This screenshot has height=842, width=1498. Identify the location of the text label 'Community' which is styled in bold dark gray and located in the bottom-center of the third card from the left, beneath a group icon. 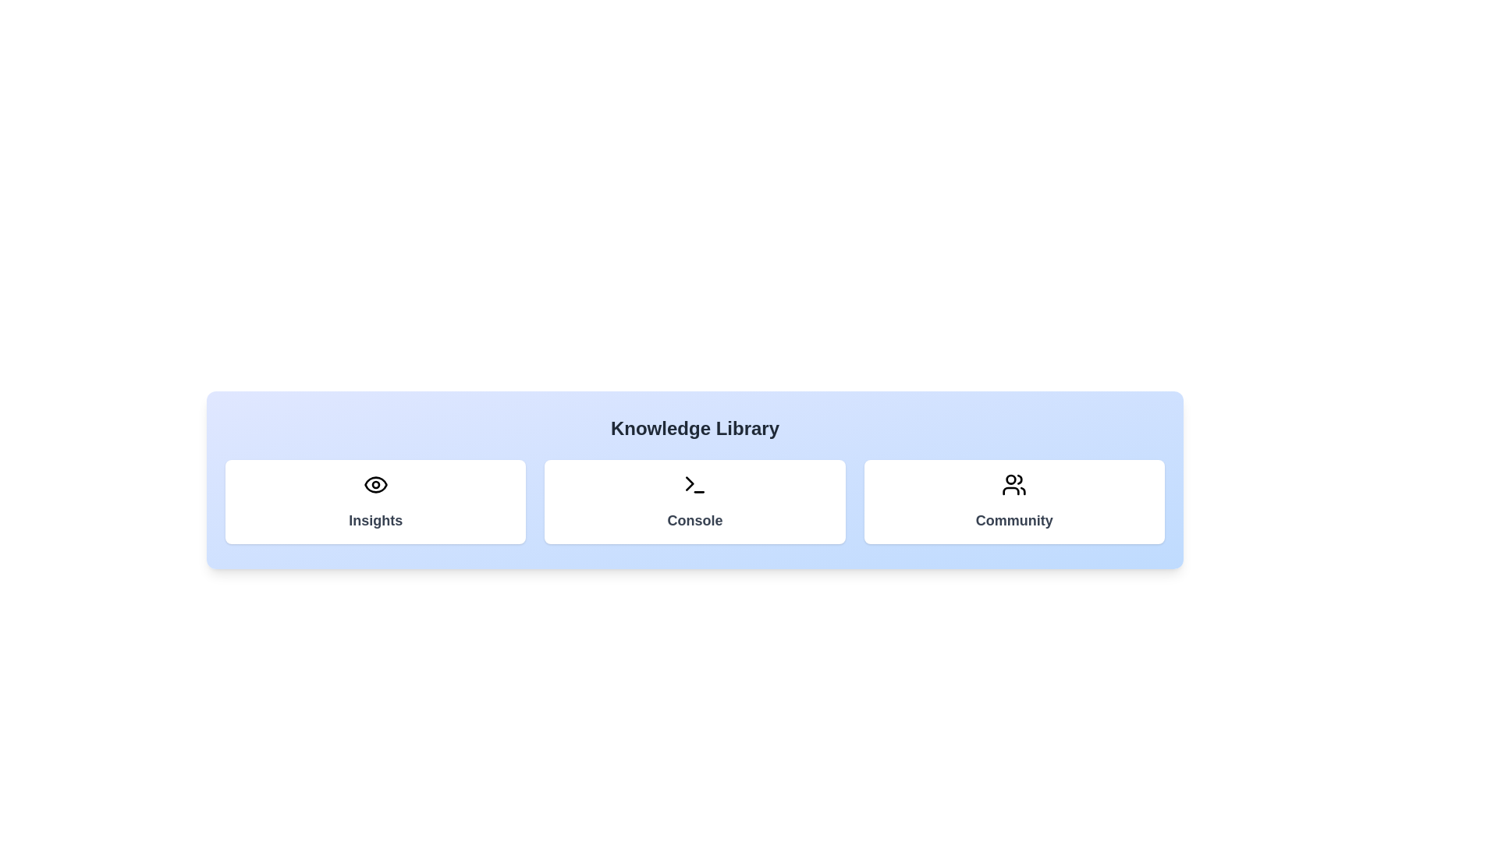
(1014, 520).